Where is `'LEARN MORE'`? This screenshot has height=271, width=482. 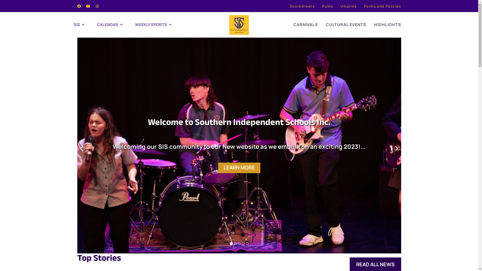
'LEARN MORE' is located at coordinates (238, 168).